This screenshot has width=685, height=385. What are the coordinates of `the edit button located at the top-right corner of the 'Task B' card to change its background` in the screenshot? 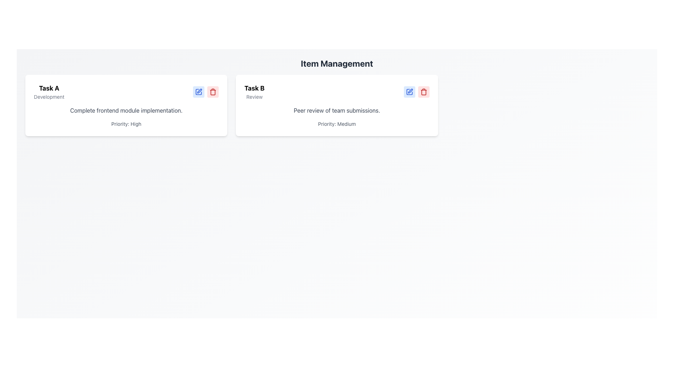 It's located at (409, 92).